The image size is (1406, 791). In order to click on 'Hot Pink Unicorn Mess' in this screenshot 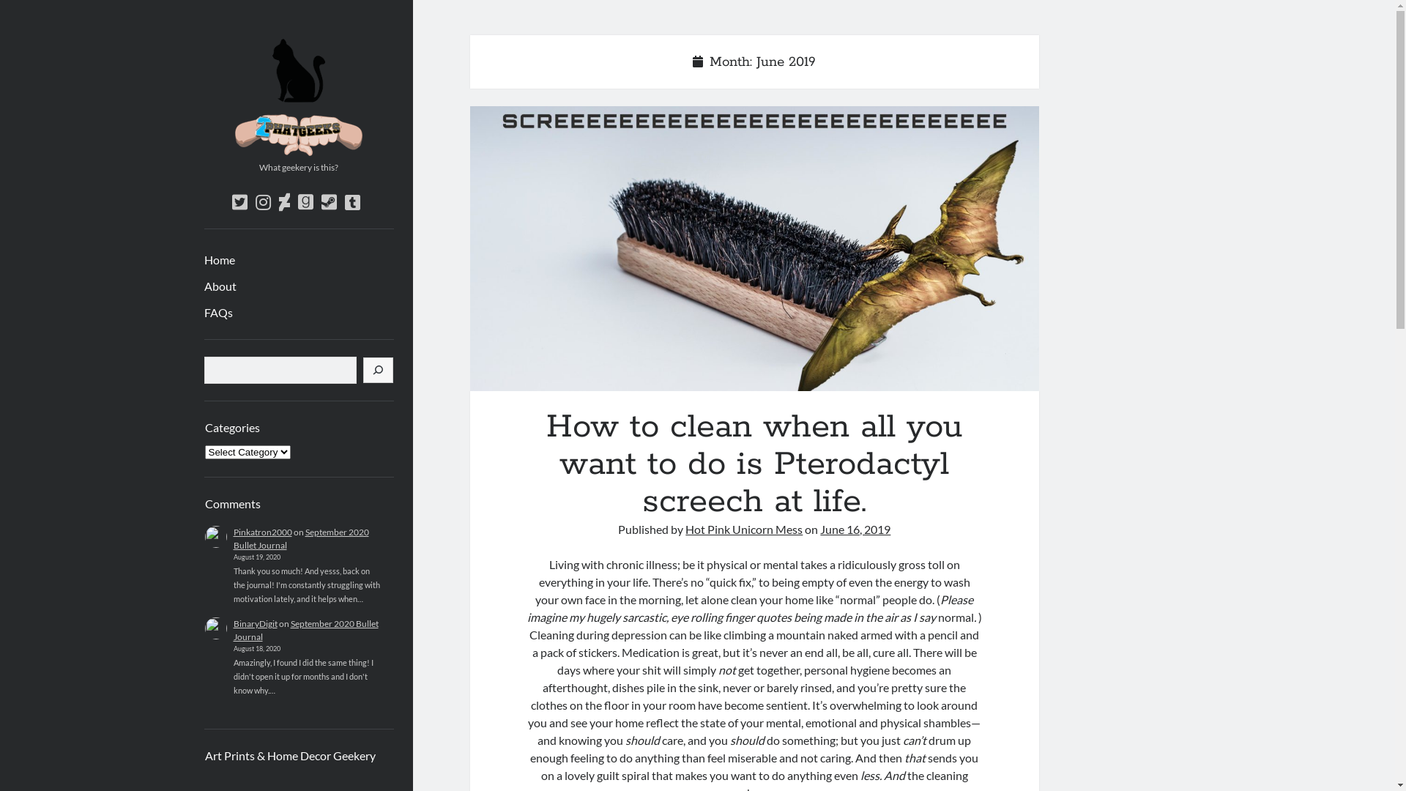, I will do `click(744, 529)`.